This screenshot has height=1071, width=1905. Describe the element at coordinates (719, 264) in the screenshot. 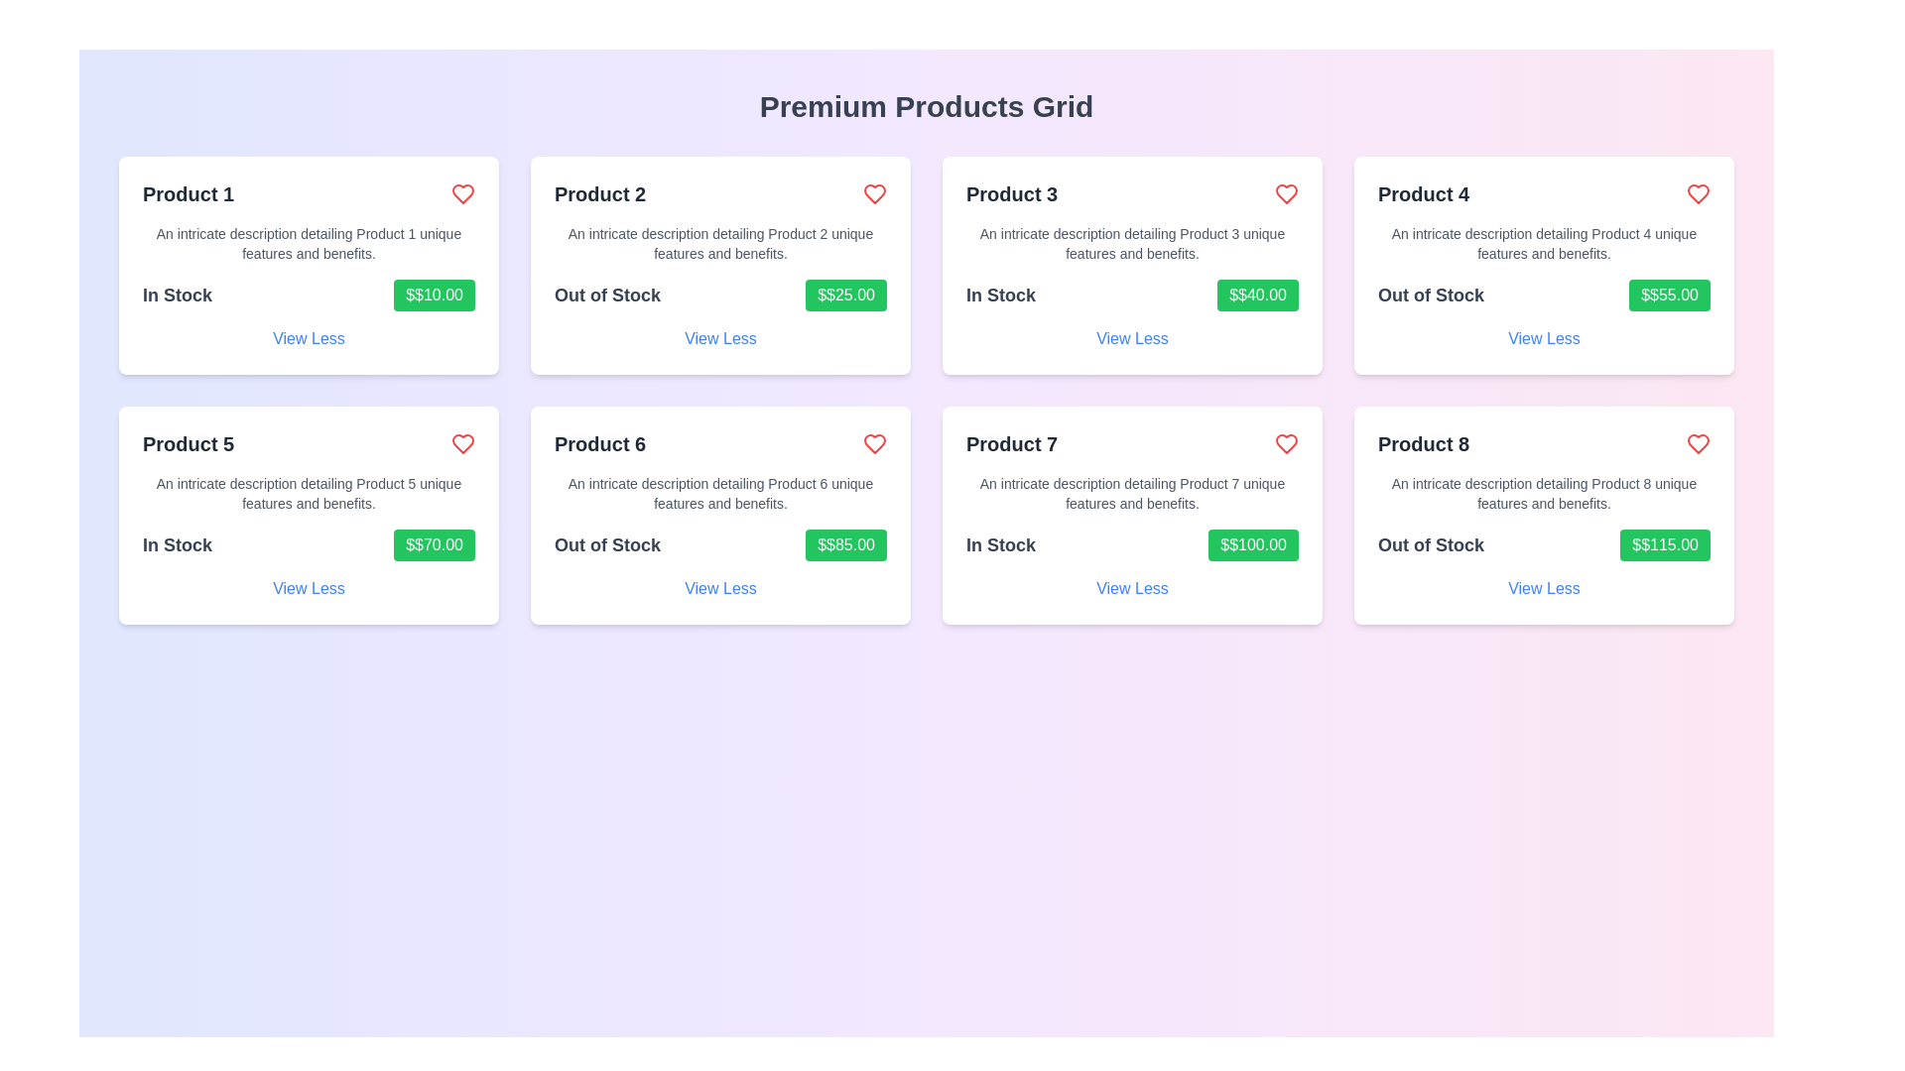

I see `the green price button displaying '$$25.00' on the Product card that has 'Product 2' and is located in the second position of the grid layout` at that location.